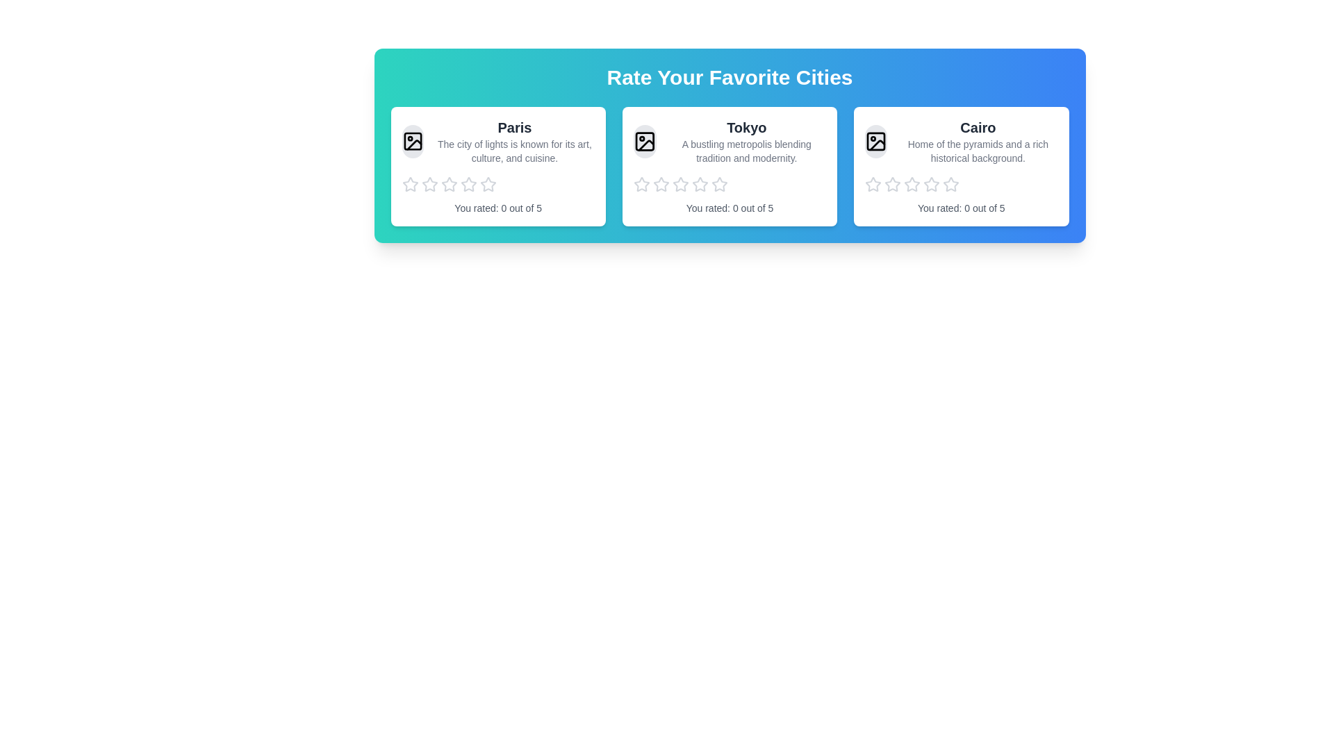  What do you see at coordinates (893, 183) in the screenshot?
I see `the mouse over the first star-shaped SVG icon in light gray, representing a rating component under the 'Cairo' card` at bounding box center [893, 183].